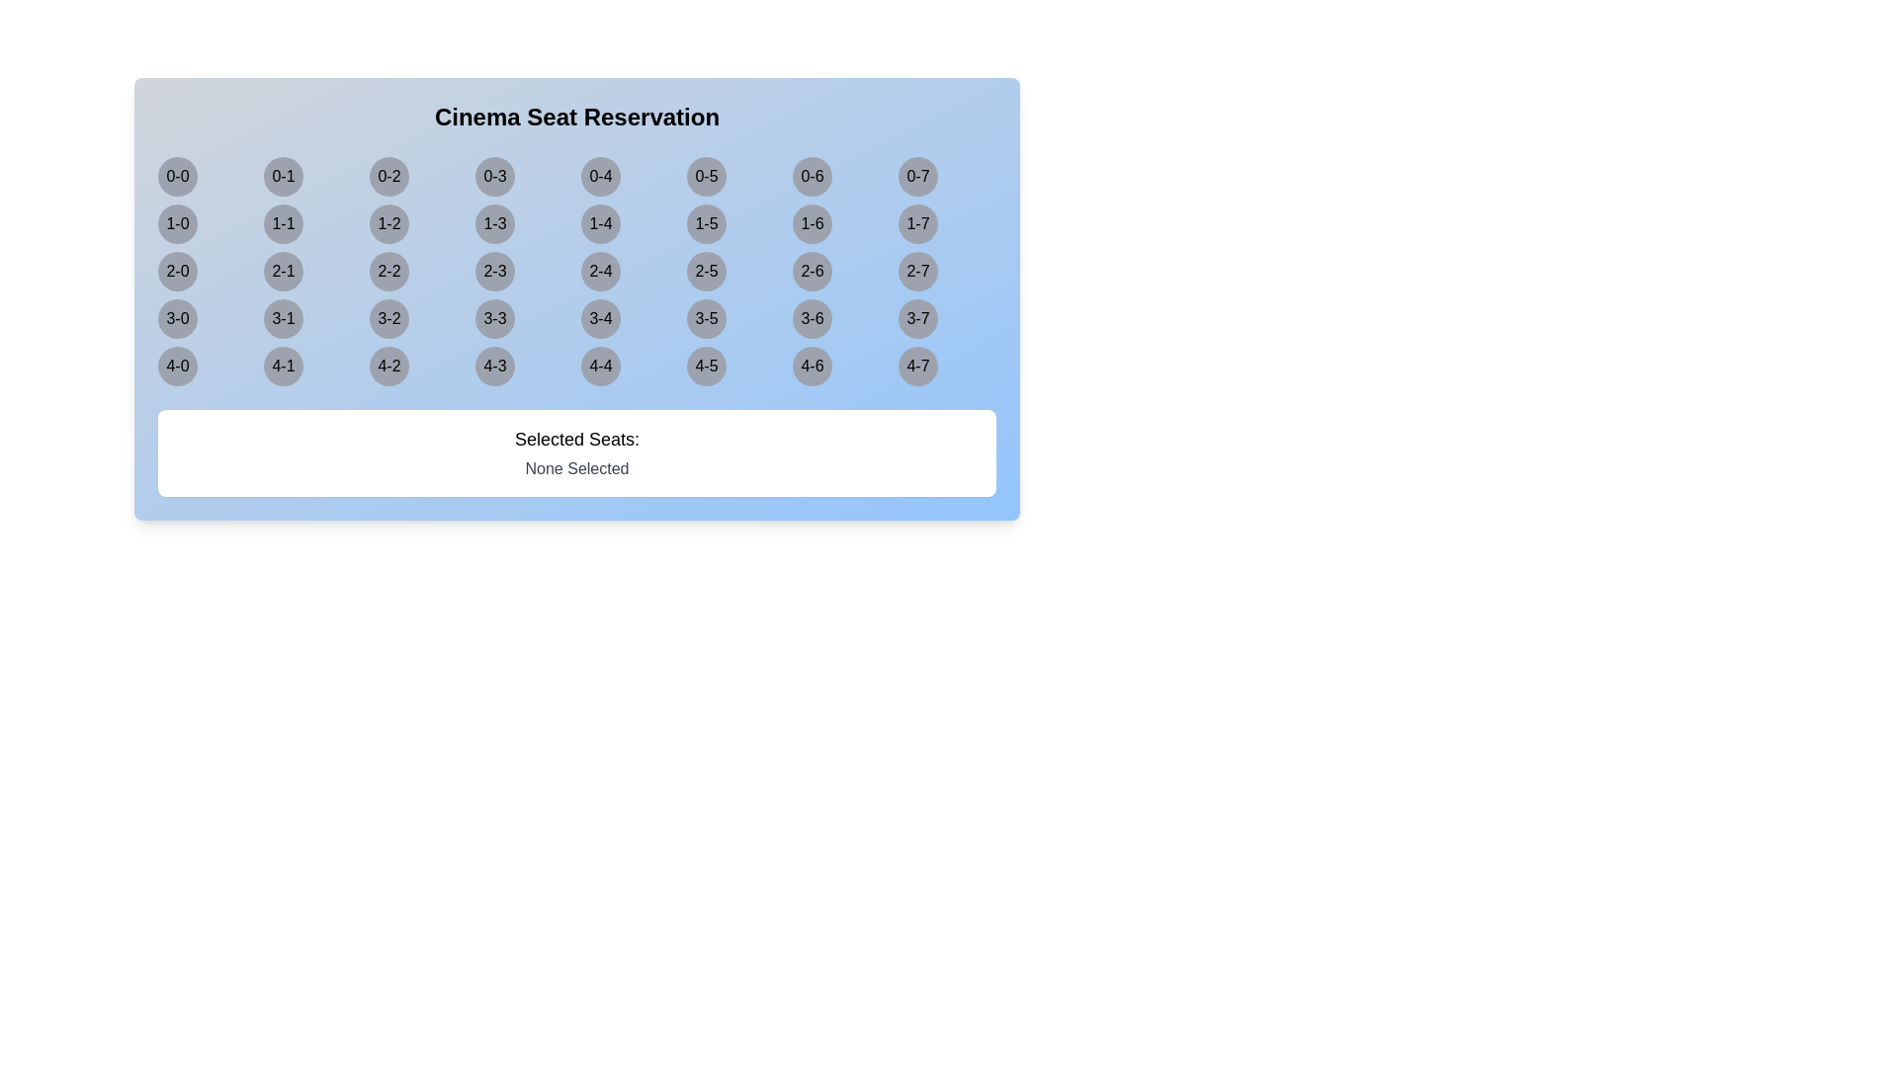 Image resolution: width=1898 pixels, height=1067 pixels. Describe the element at coordinates (600, 175) in the screenshot. I see `the circular button labeled '0-4' located in the first row and fifth column of the seating section` at that location.